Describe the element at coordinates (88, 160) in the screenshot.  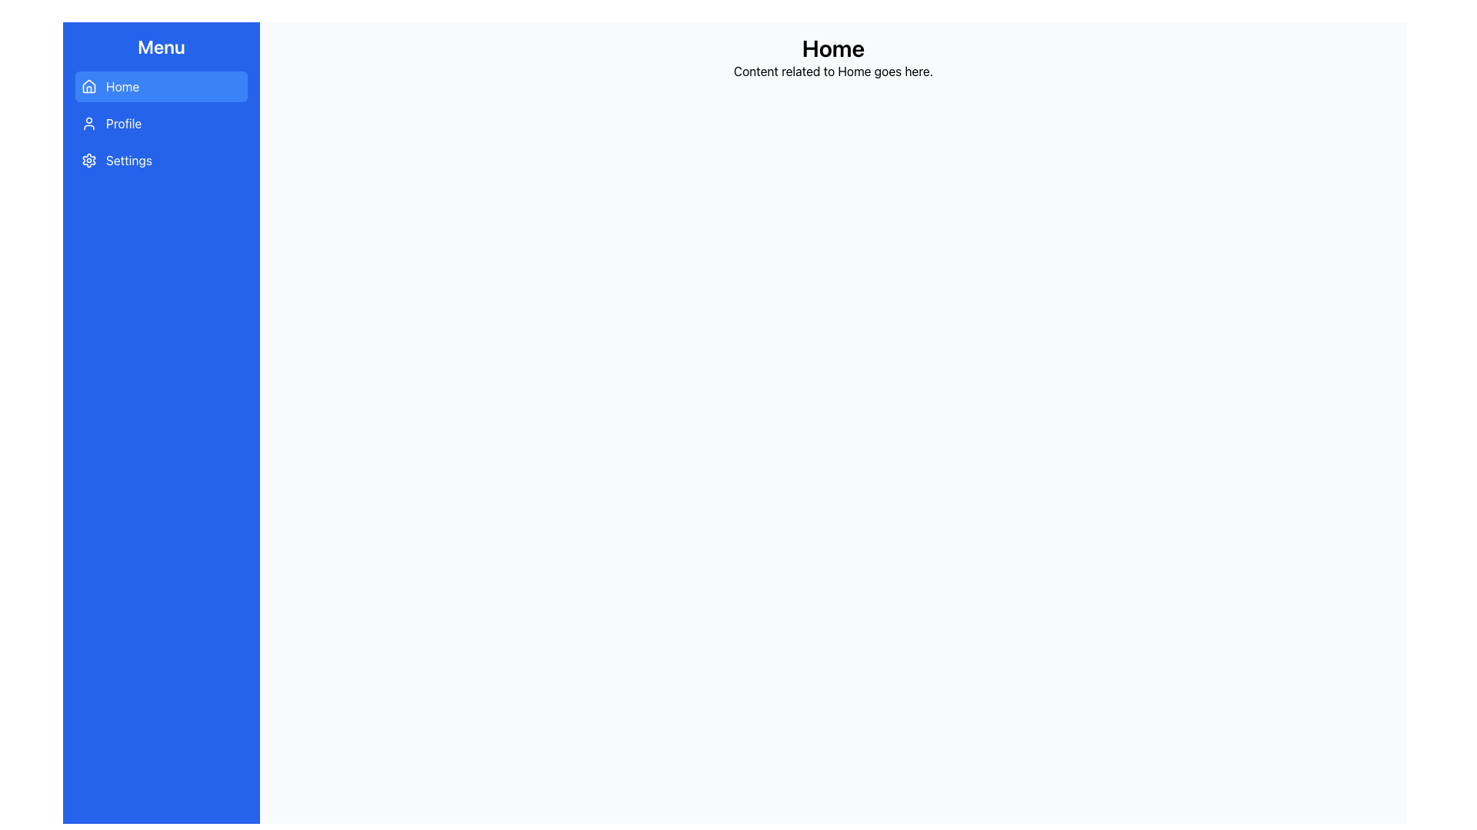
I see `the 'Settings' icon located in the vertical navigation bar` at that location.